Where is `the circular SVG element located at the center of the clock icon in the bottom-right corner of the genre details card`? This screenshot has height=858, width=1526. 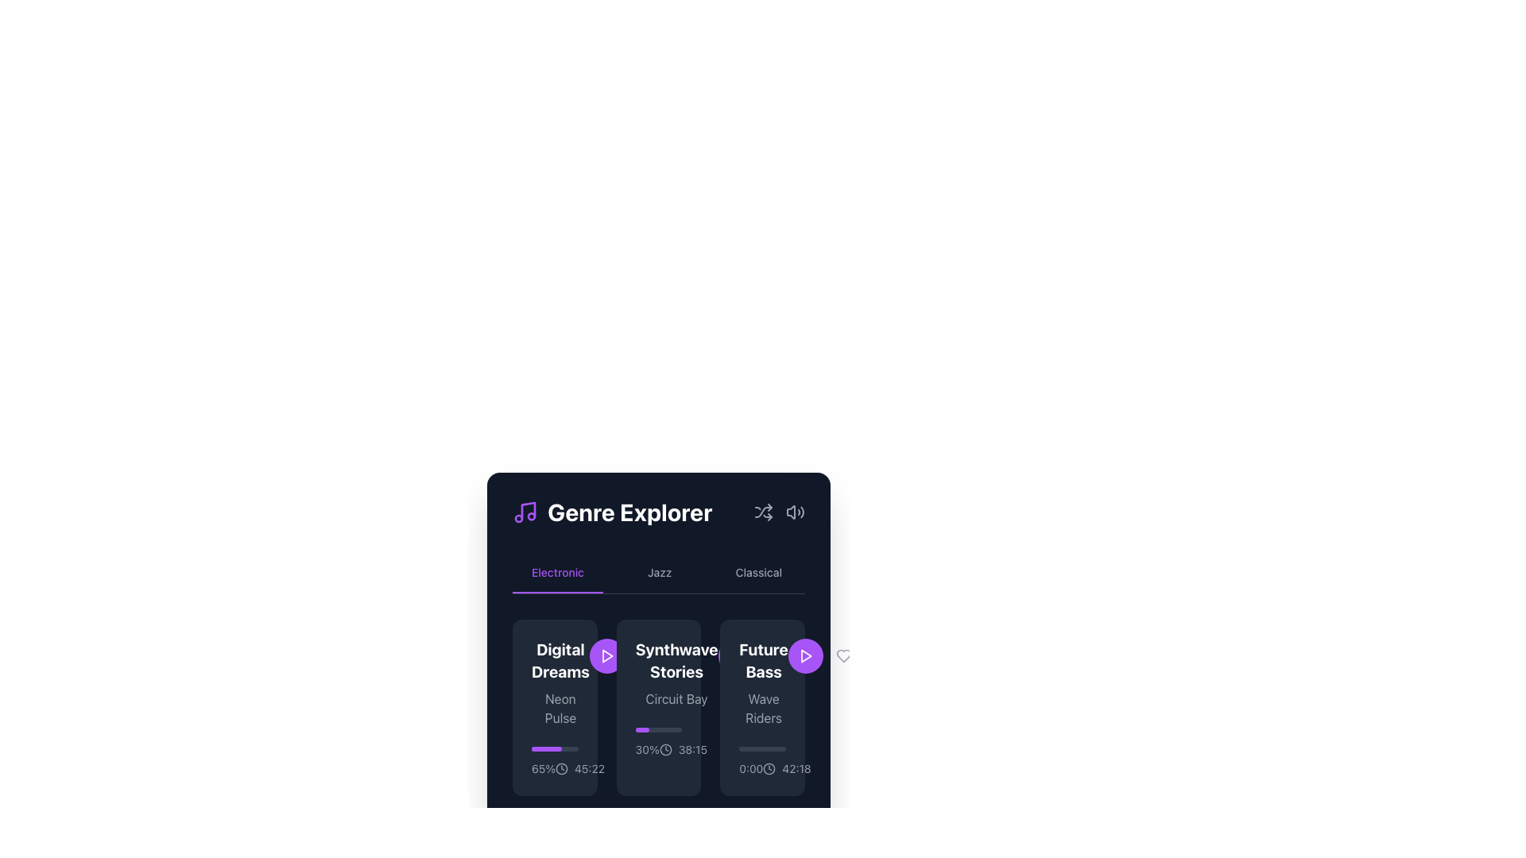
the circular SVG element located at the center of the clock icon in the bottom-right corner of the genre details card is located at coordinates (665, 750).